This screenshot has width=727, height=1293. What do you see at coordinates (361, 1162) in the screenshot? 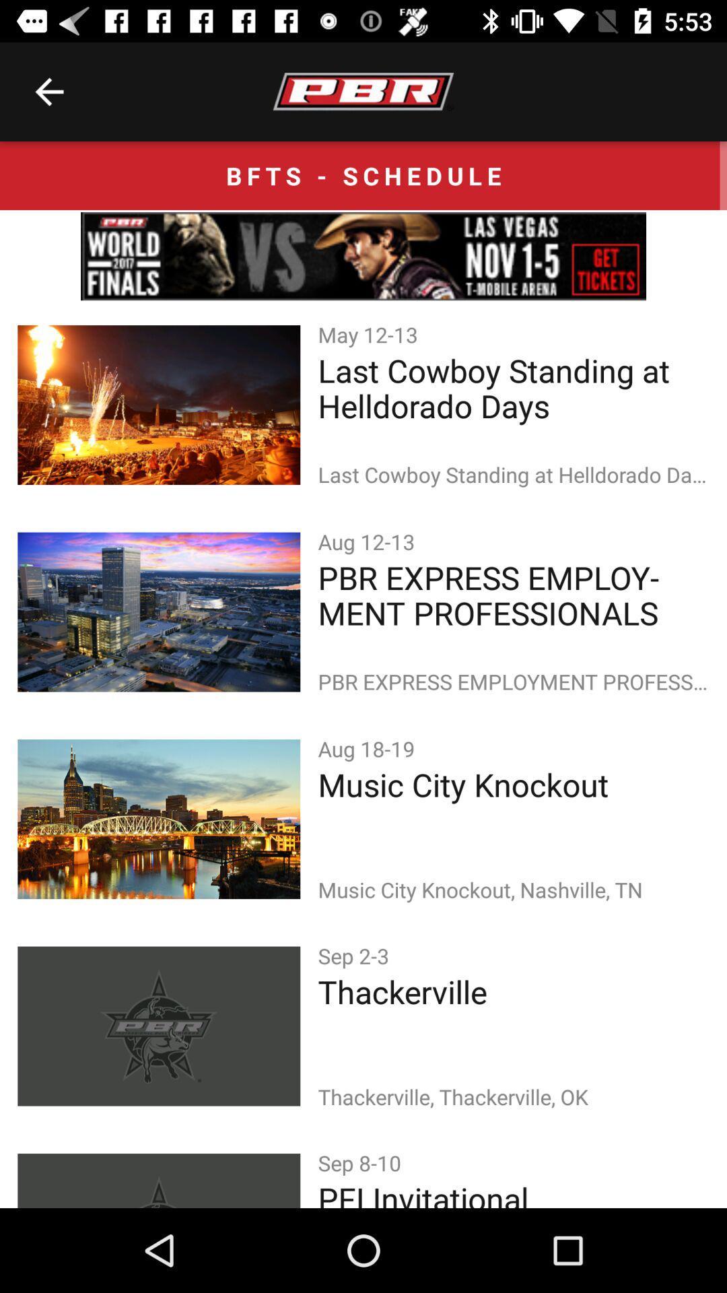
I see `sep 8-10` at bounding box center [361, 1162].